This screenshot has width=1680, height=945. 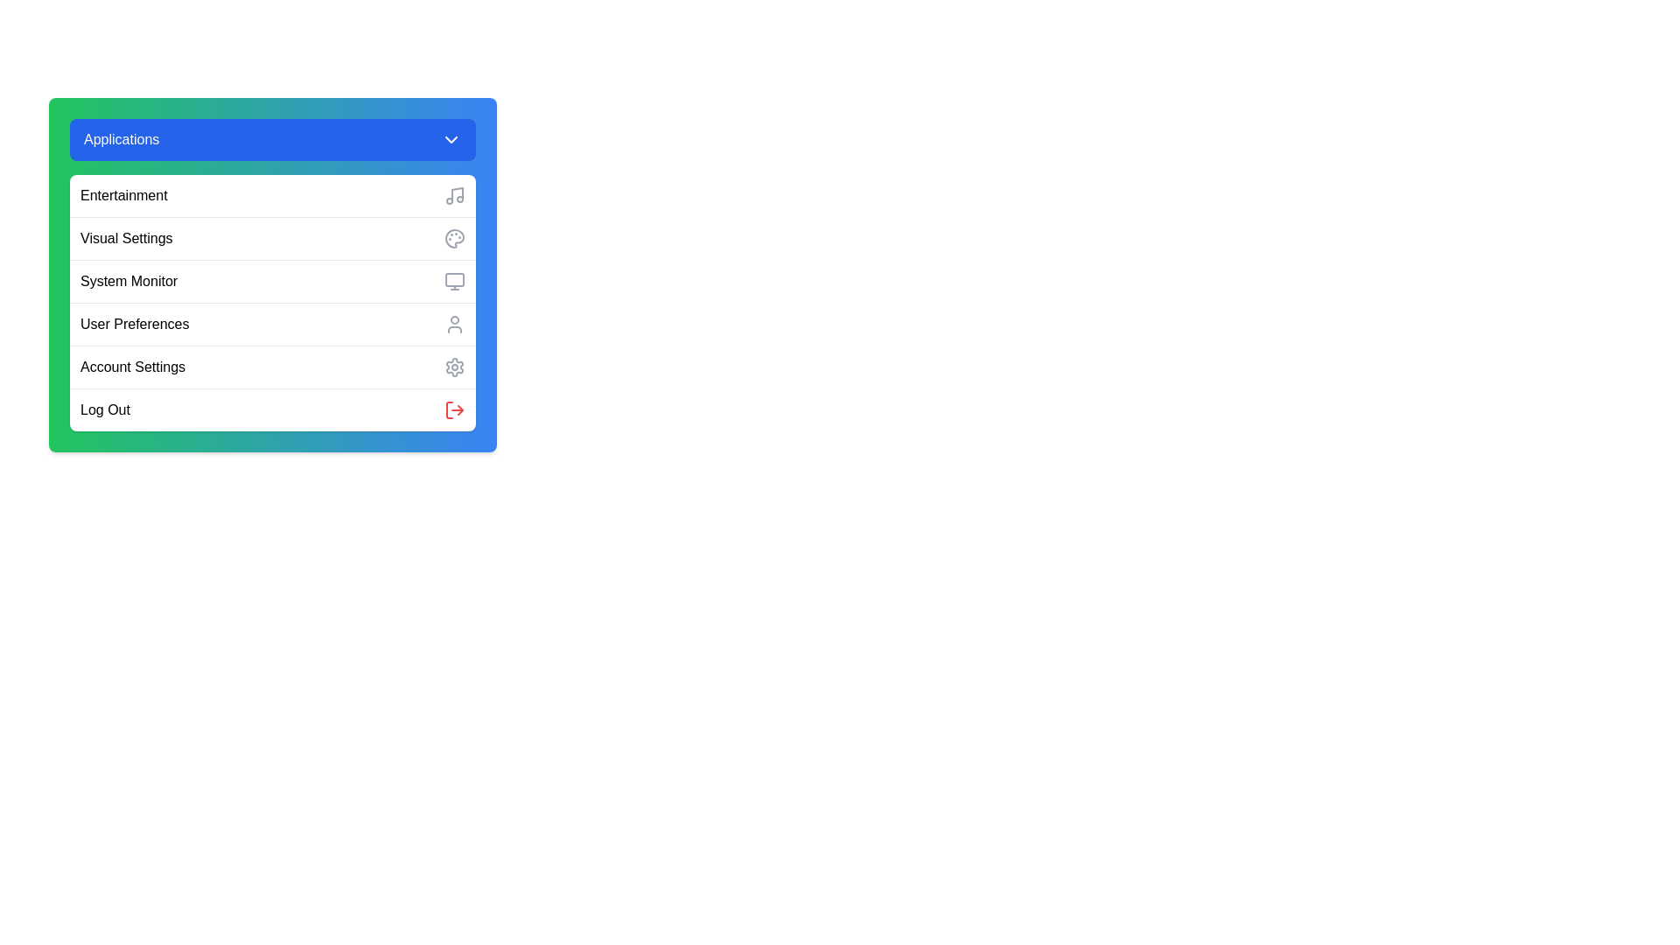 I want to click on the menu item System Monitor to observe the interaction effect, so click(x=272, y=280).